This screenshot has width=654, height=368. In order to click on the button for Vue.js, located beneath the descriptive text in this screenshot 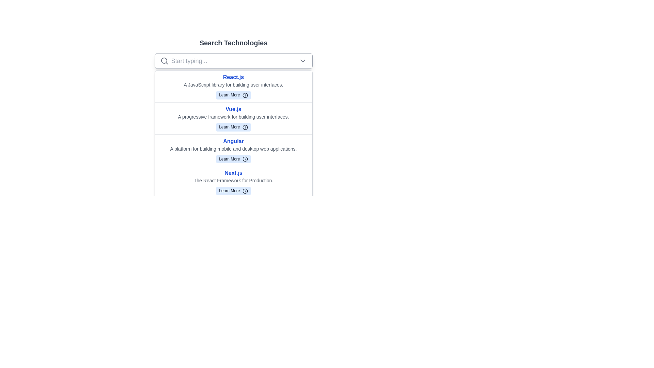, I will do `click(233, 127)`.